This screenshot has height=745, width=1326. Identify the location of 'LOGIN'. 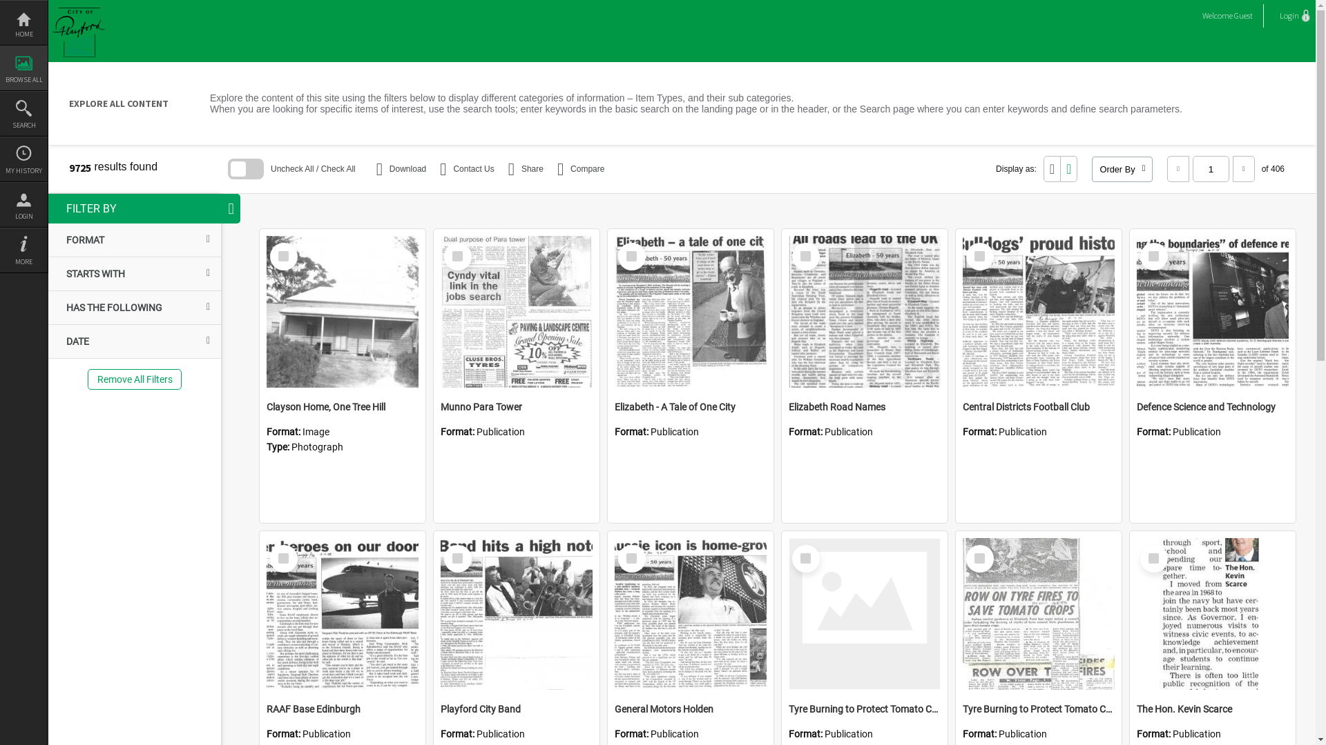
(23, 205).